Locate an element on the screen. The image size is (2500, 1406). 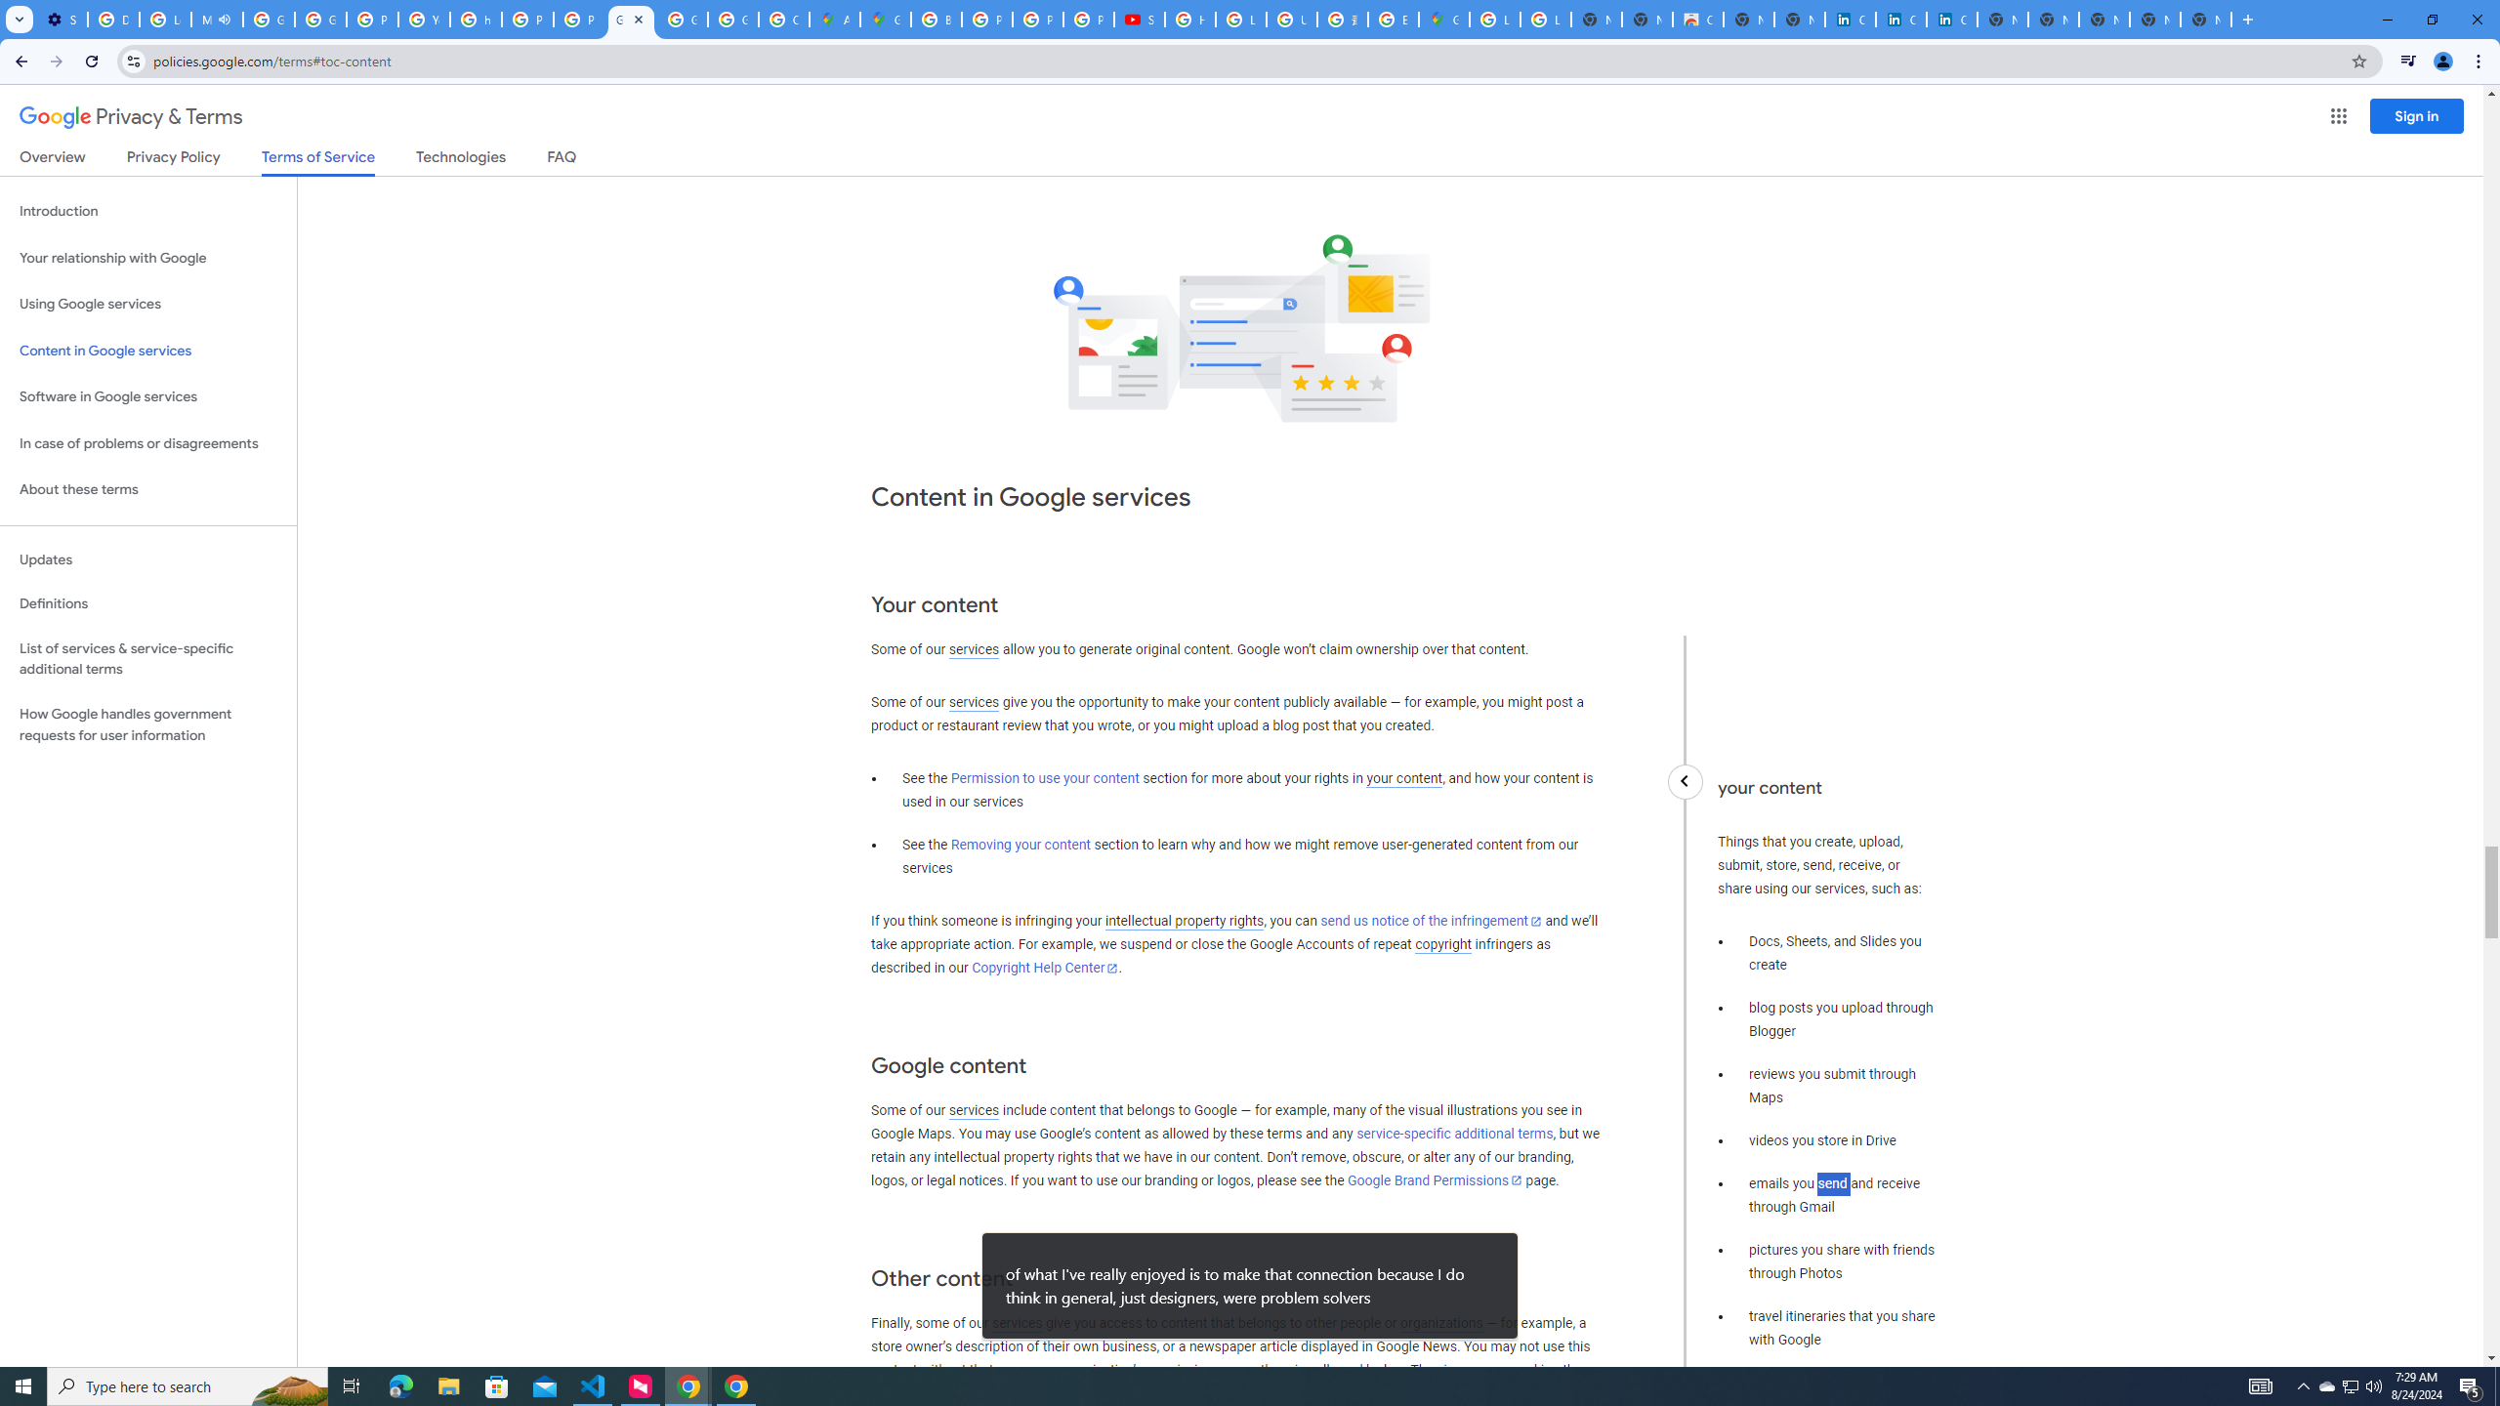
'List of services & service-specific additional terms' is located at coordinates (147, 658).